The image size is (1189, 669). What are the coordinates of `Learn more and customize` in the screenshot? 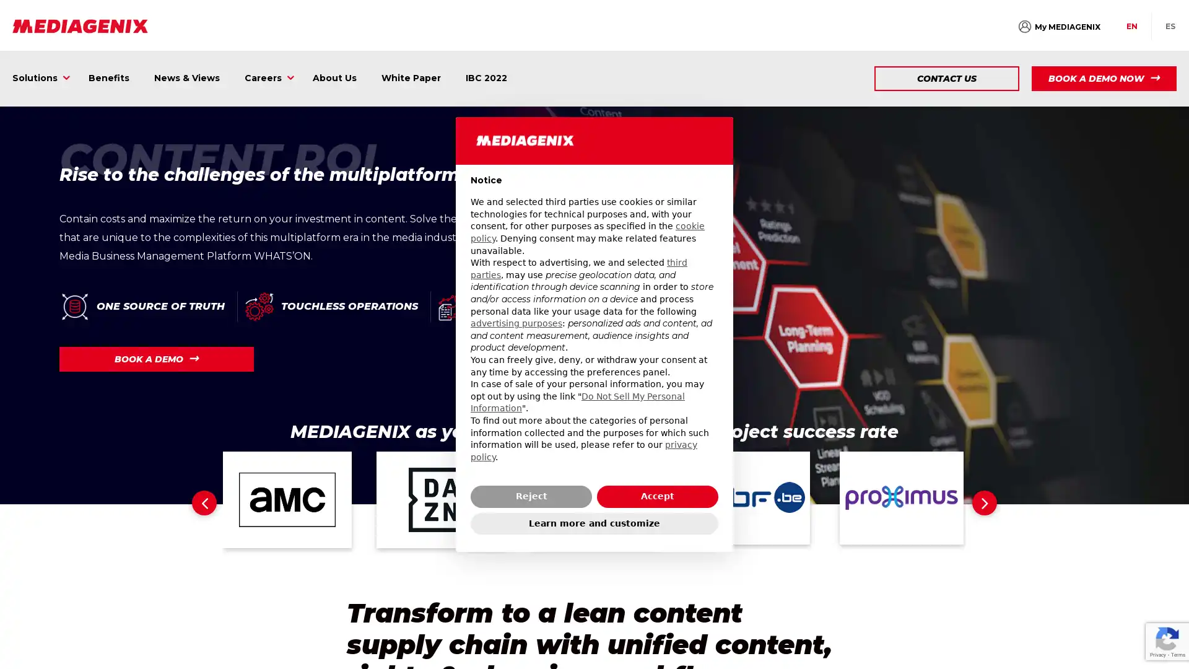 It's located at (594, 523).